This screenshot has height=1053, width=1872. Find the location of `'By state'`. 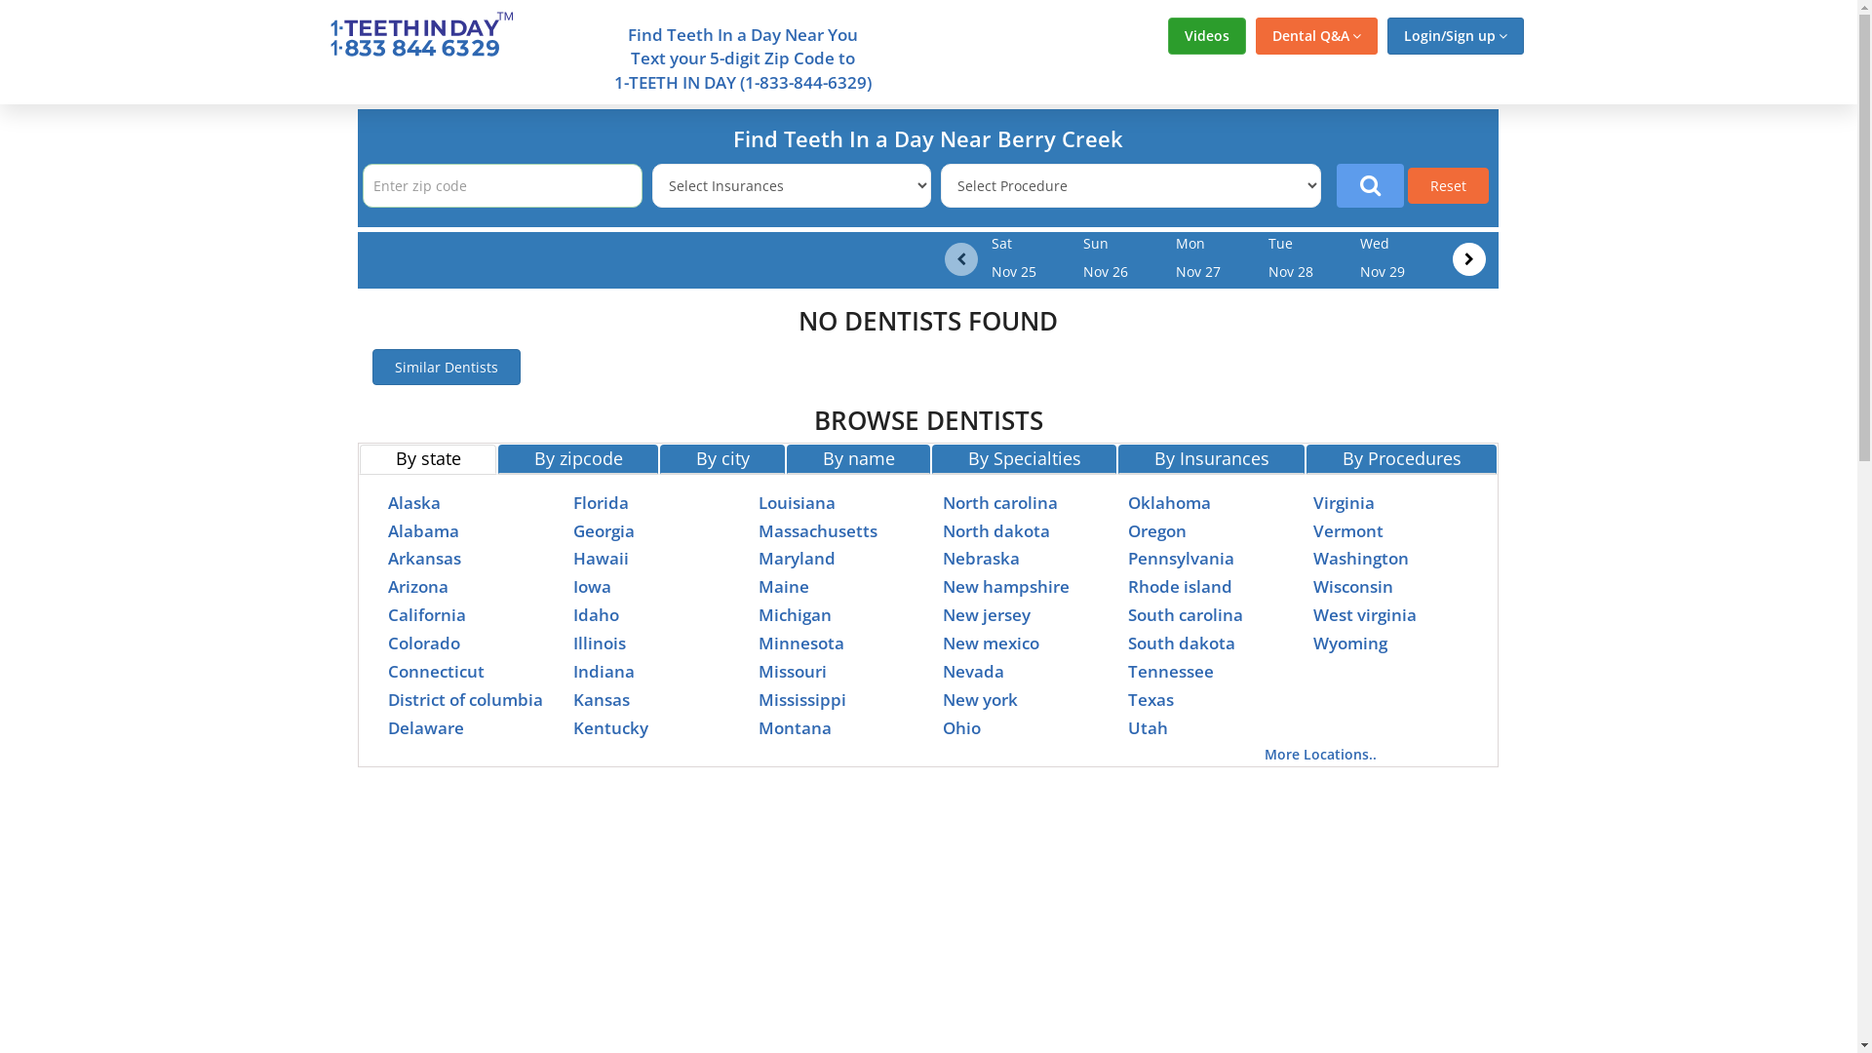

'By state' is located at coordinates (360, 458).